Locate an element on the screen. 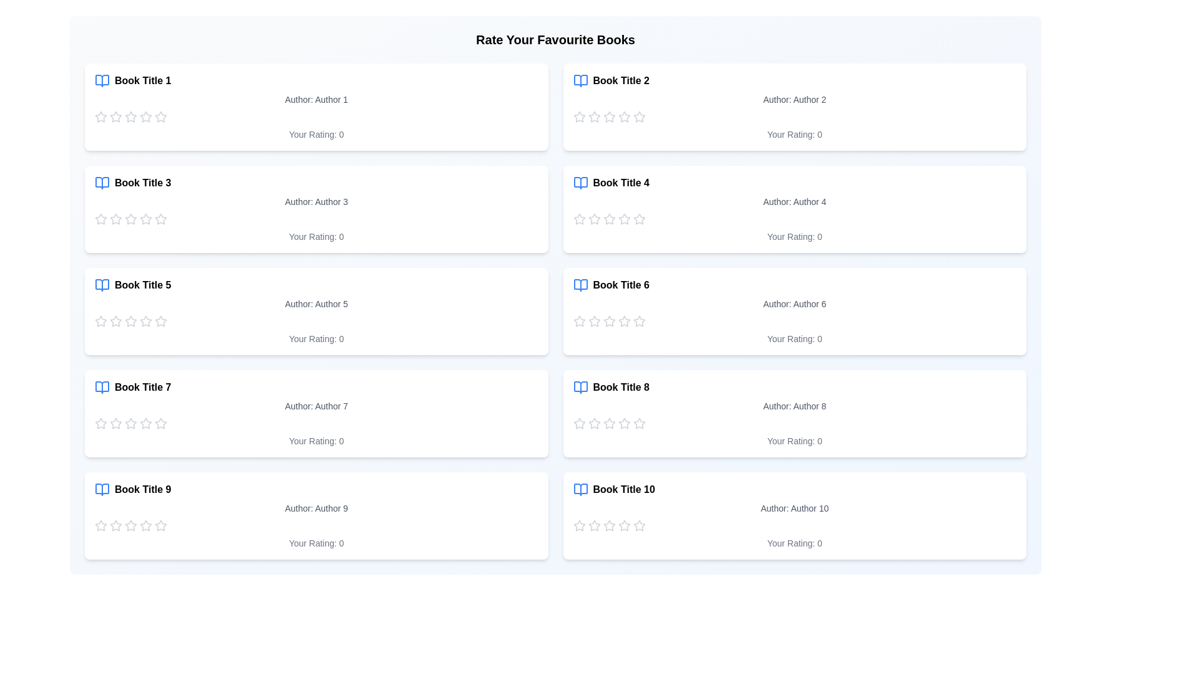 The width and height of the screenshot is (1198, 673). the star icon to set the rating for a book to 4 is located at coordinates (146, 117).